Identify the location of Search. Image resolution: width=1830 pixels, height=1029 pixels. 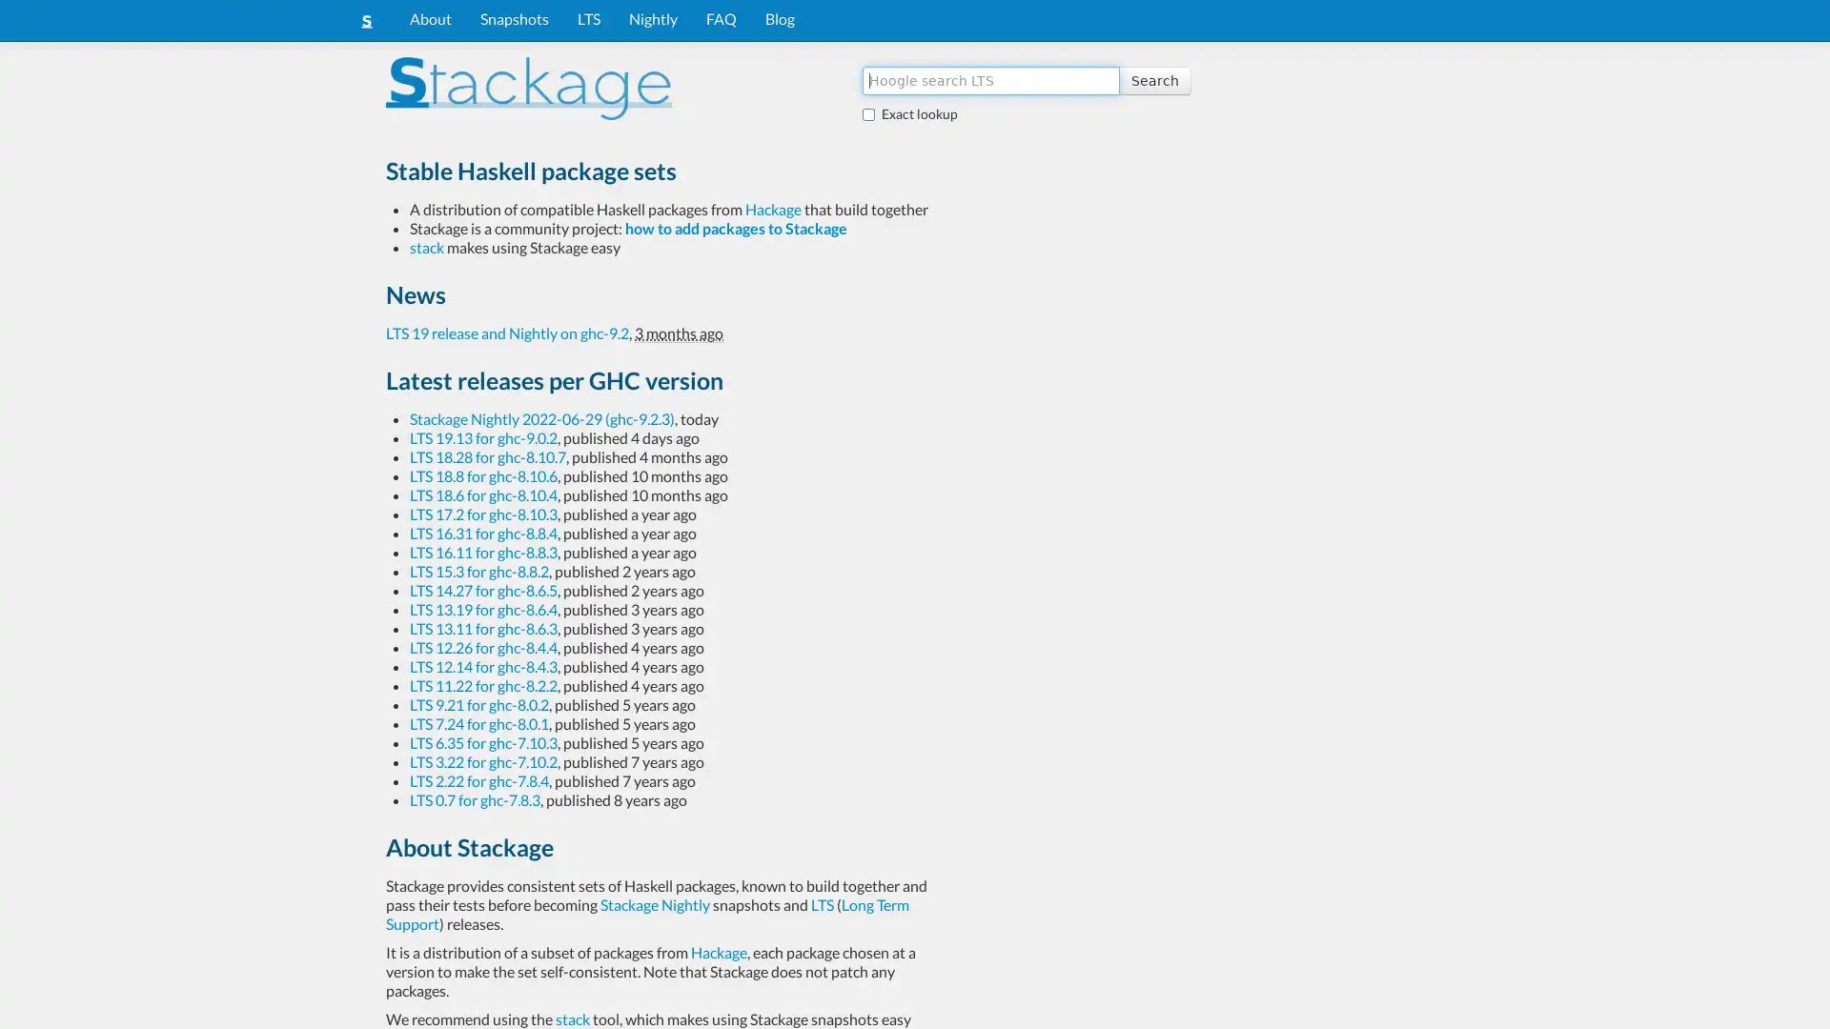
(1153, 79).